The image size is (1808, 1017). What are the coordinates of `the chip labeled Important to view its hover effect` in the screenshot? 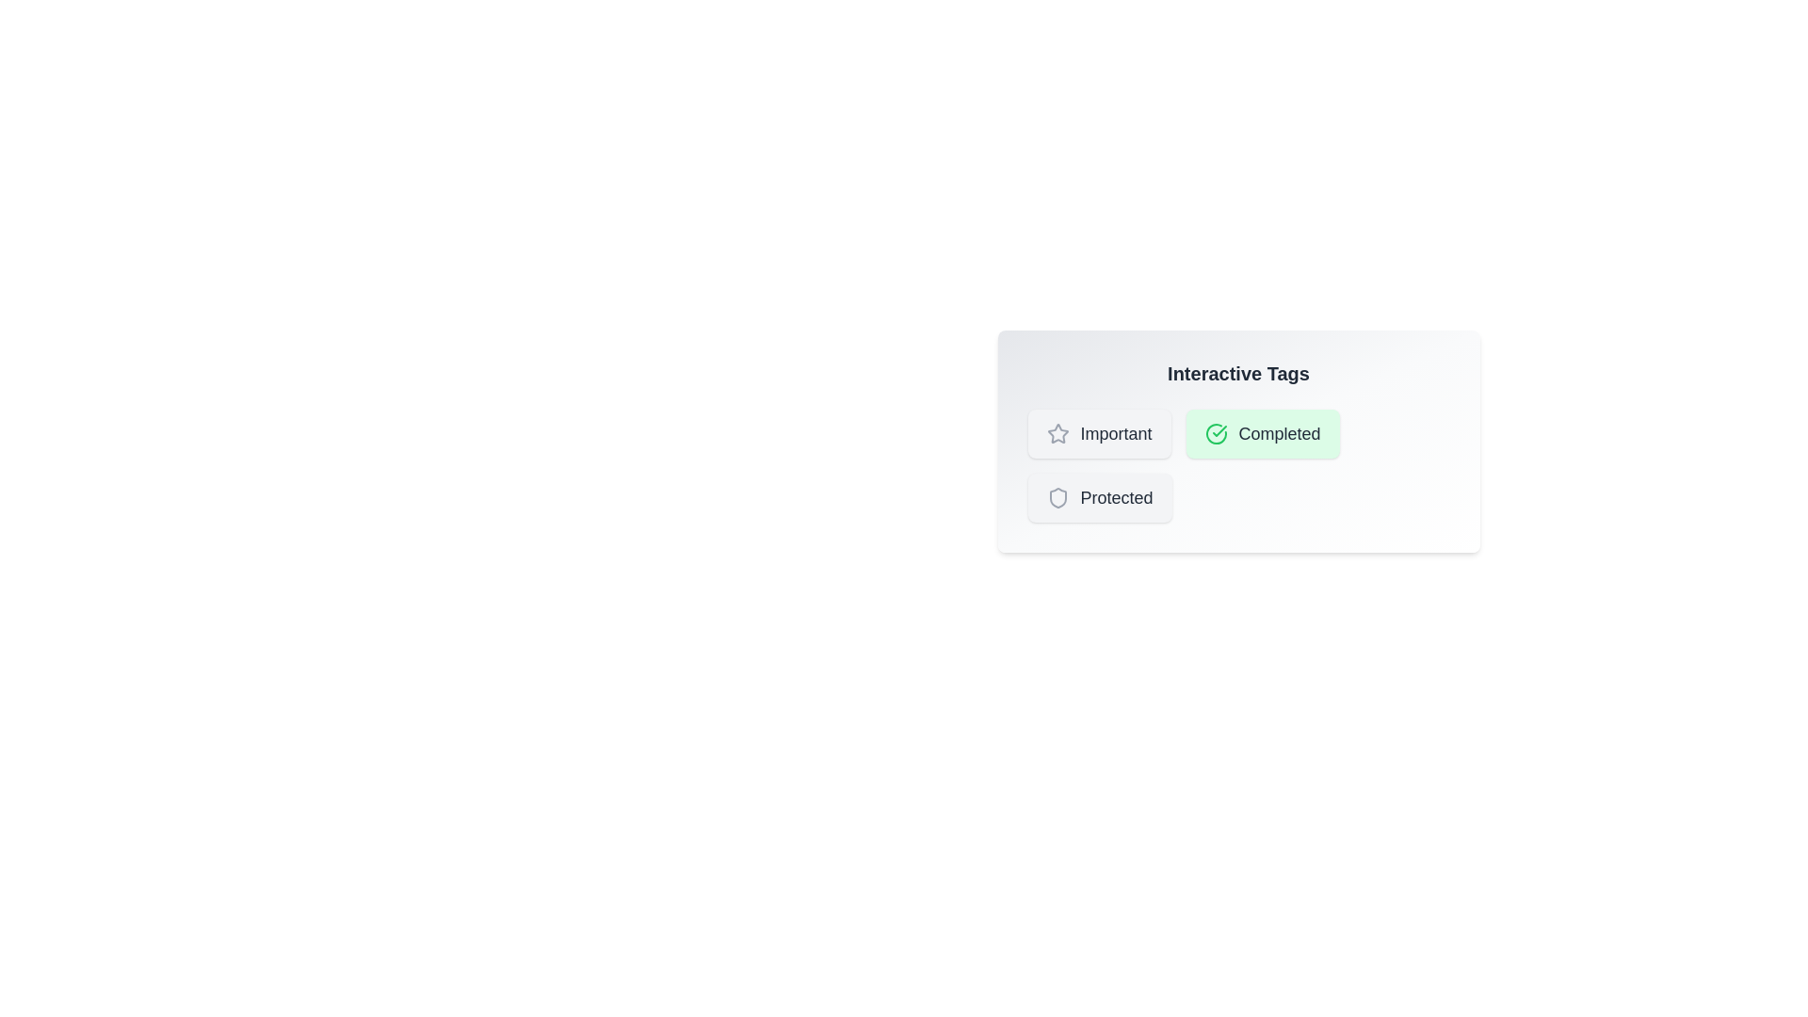 It's located at (1099, 434).